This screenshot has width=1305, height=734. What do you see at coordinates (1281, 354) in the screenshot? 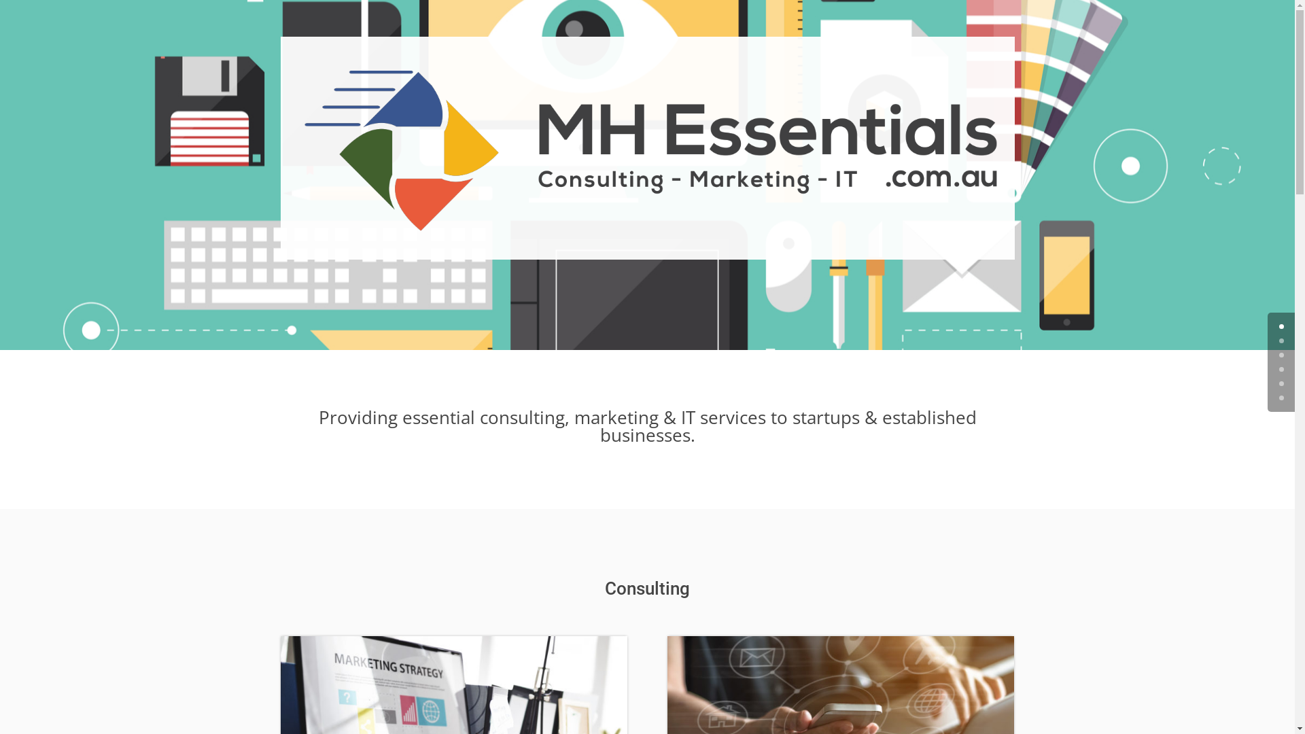
I see `'2'` at bounding box center [1281, 354].